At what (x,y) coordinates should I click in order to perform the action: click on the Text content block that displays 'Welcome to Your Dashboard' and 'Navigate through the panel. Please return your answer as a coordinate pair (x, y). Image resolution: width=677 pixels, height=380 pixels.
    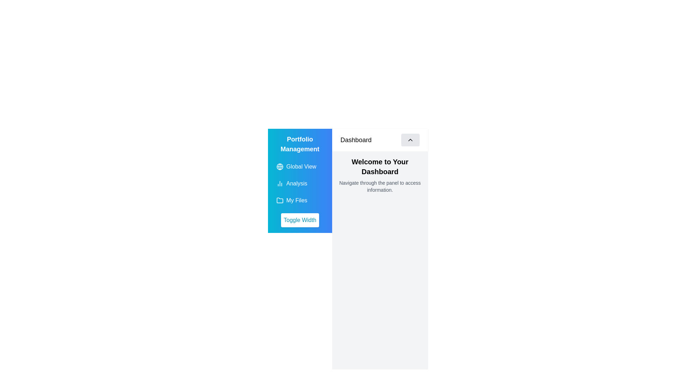
    Looking at the image, I should click on (379, 175).